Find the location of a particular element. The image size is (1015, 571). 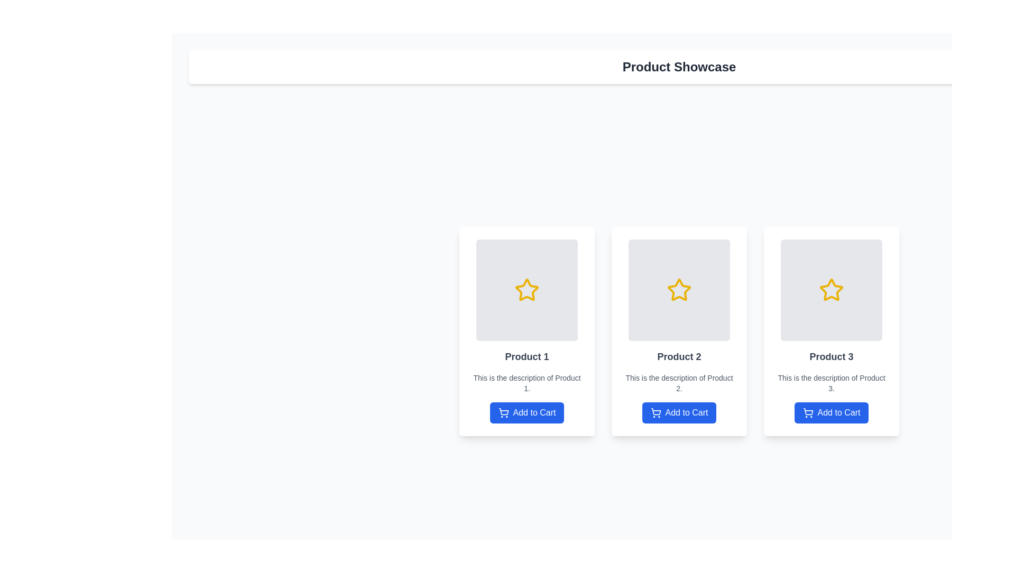

the 'Add to Cart' button with a blue rectangular shape and shopping cart icon located at the bottom-center of 'Product 2' is located at coordinates (679, 412).